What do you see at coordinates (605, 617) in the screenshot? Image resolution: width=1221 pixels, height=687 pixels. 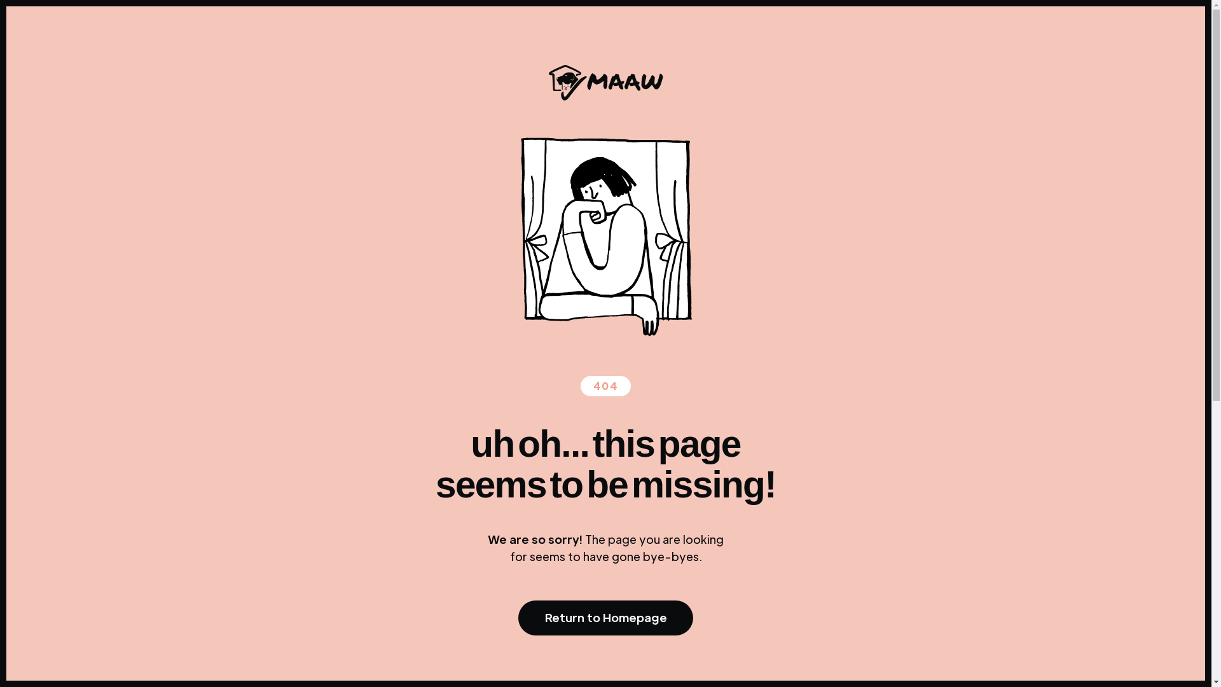 I see `'Return to Homepage'` at bounding box center [605, 617].